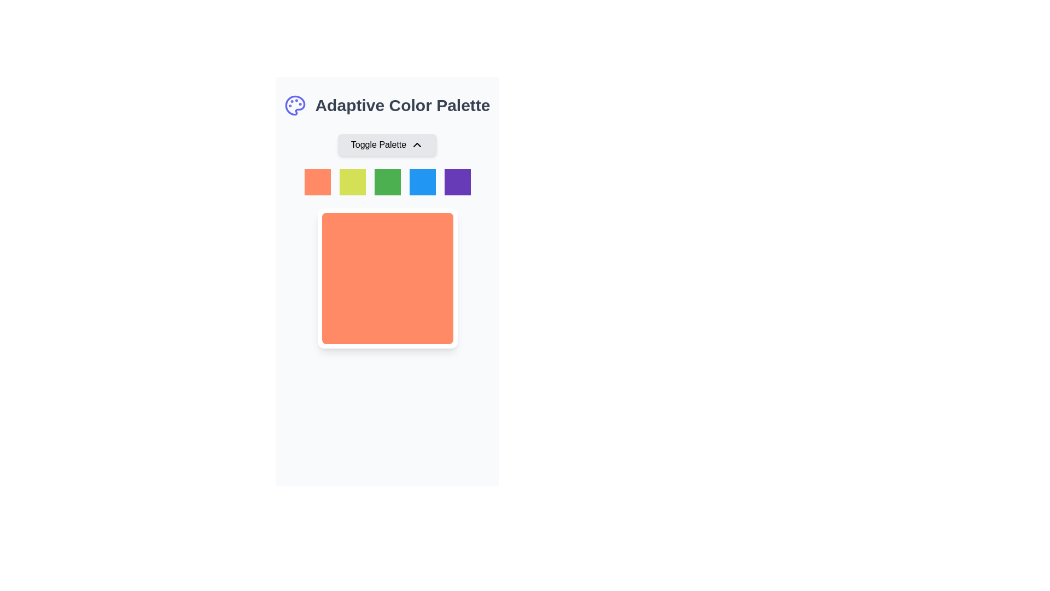 This screenshot has height=591, width=1050. I want to click on the header section containing the indigo palette icon and the 'Adaptive Color Palette' text label, so click(387, 105).